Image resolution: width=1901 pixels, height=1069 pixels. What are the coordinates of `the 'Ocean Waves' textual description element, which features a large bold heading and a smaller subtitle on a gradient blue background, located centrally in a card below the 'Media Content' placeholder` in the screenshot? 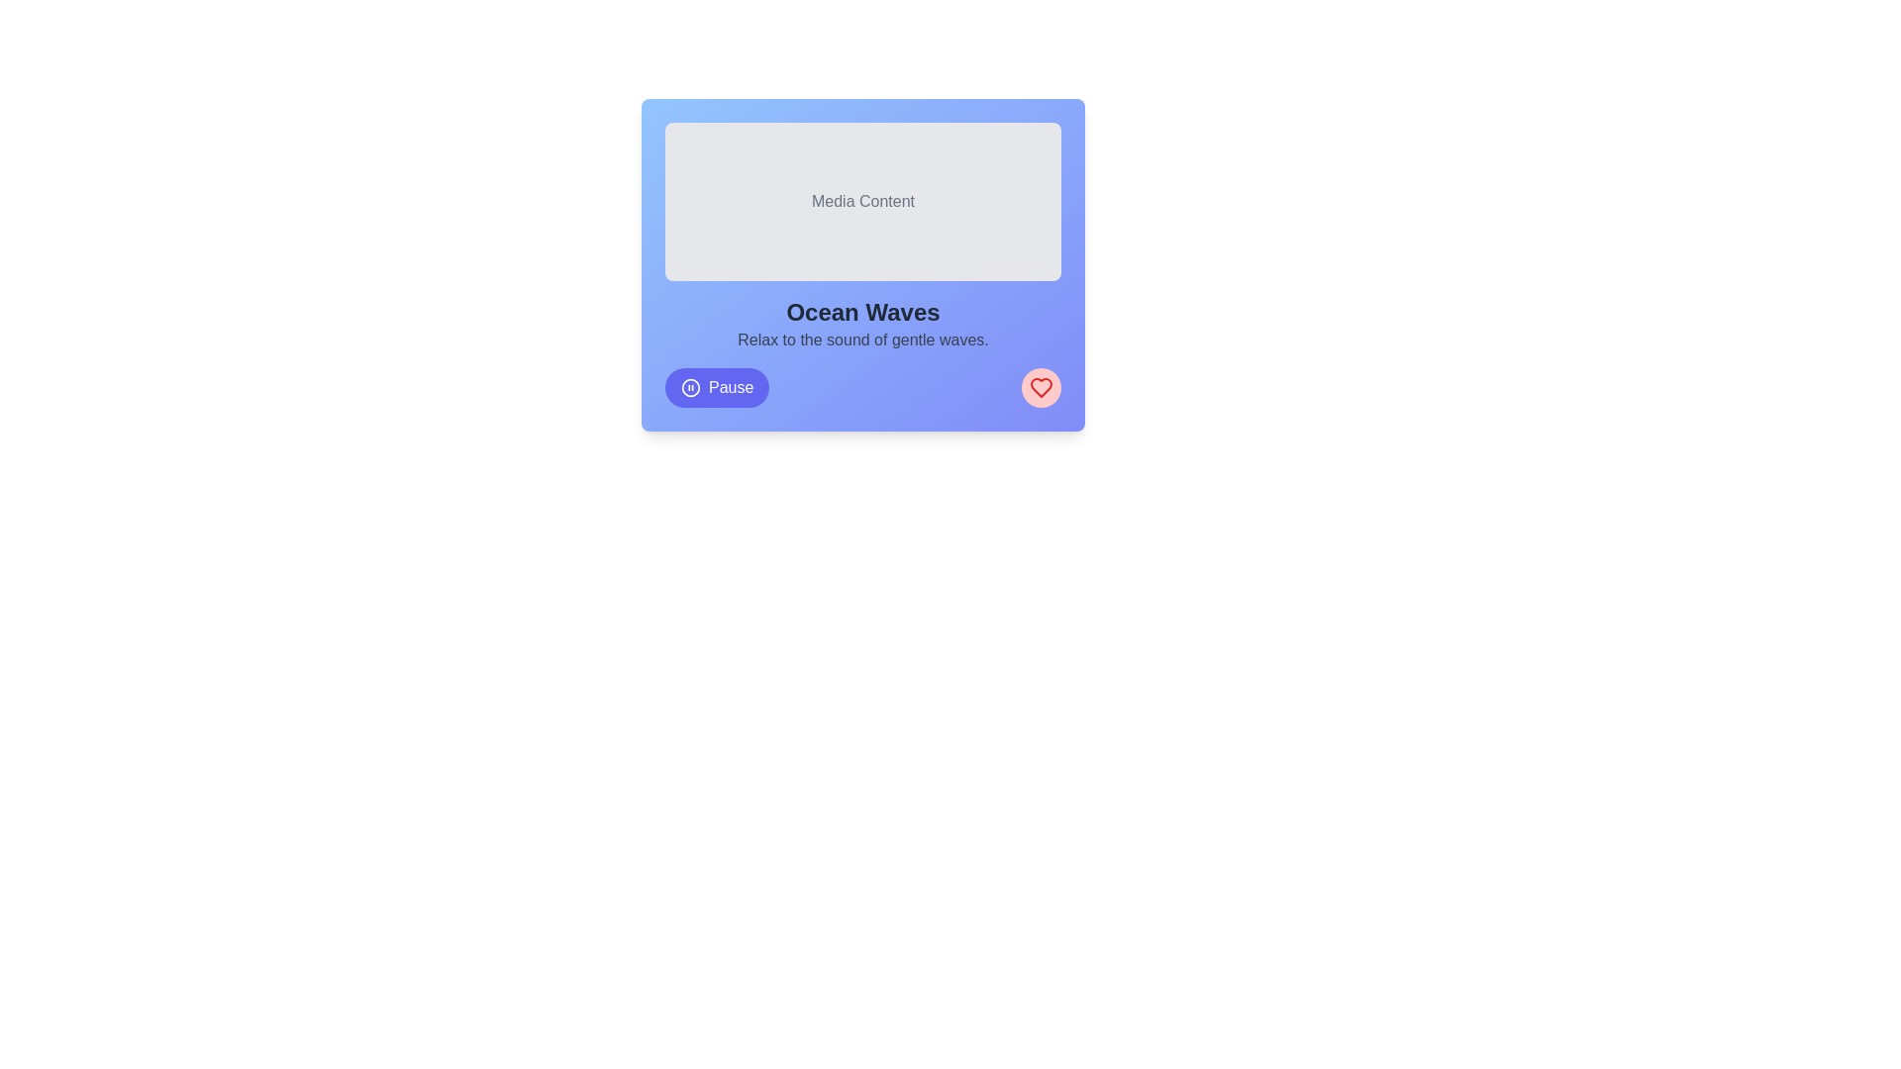 It's located at (863, 323).